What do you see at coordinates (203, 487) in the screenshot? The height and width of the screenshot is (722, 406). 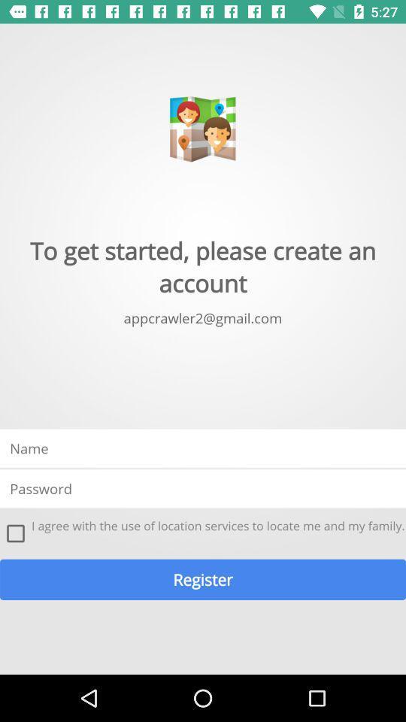 I see `password` at bounding box center [203, 487].